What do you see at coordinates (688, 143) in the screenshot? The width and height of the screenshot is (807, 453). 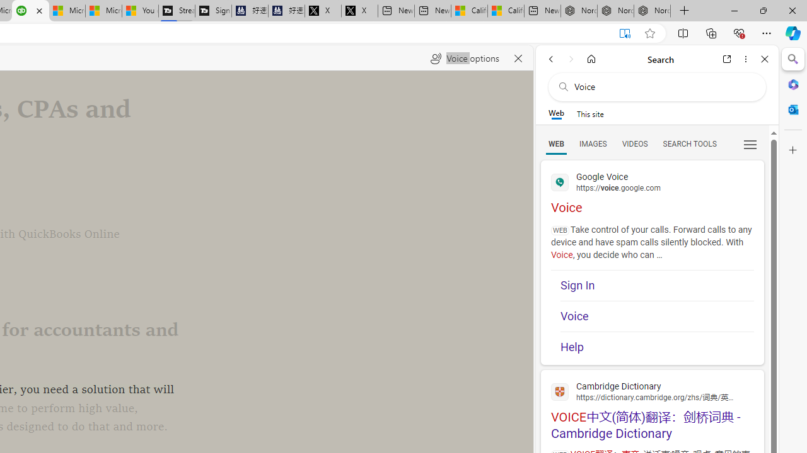 I see `'Search Filter, Search Tools'` at bounding box center [688, 143].